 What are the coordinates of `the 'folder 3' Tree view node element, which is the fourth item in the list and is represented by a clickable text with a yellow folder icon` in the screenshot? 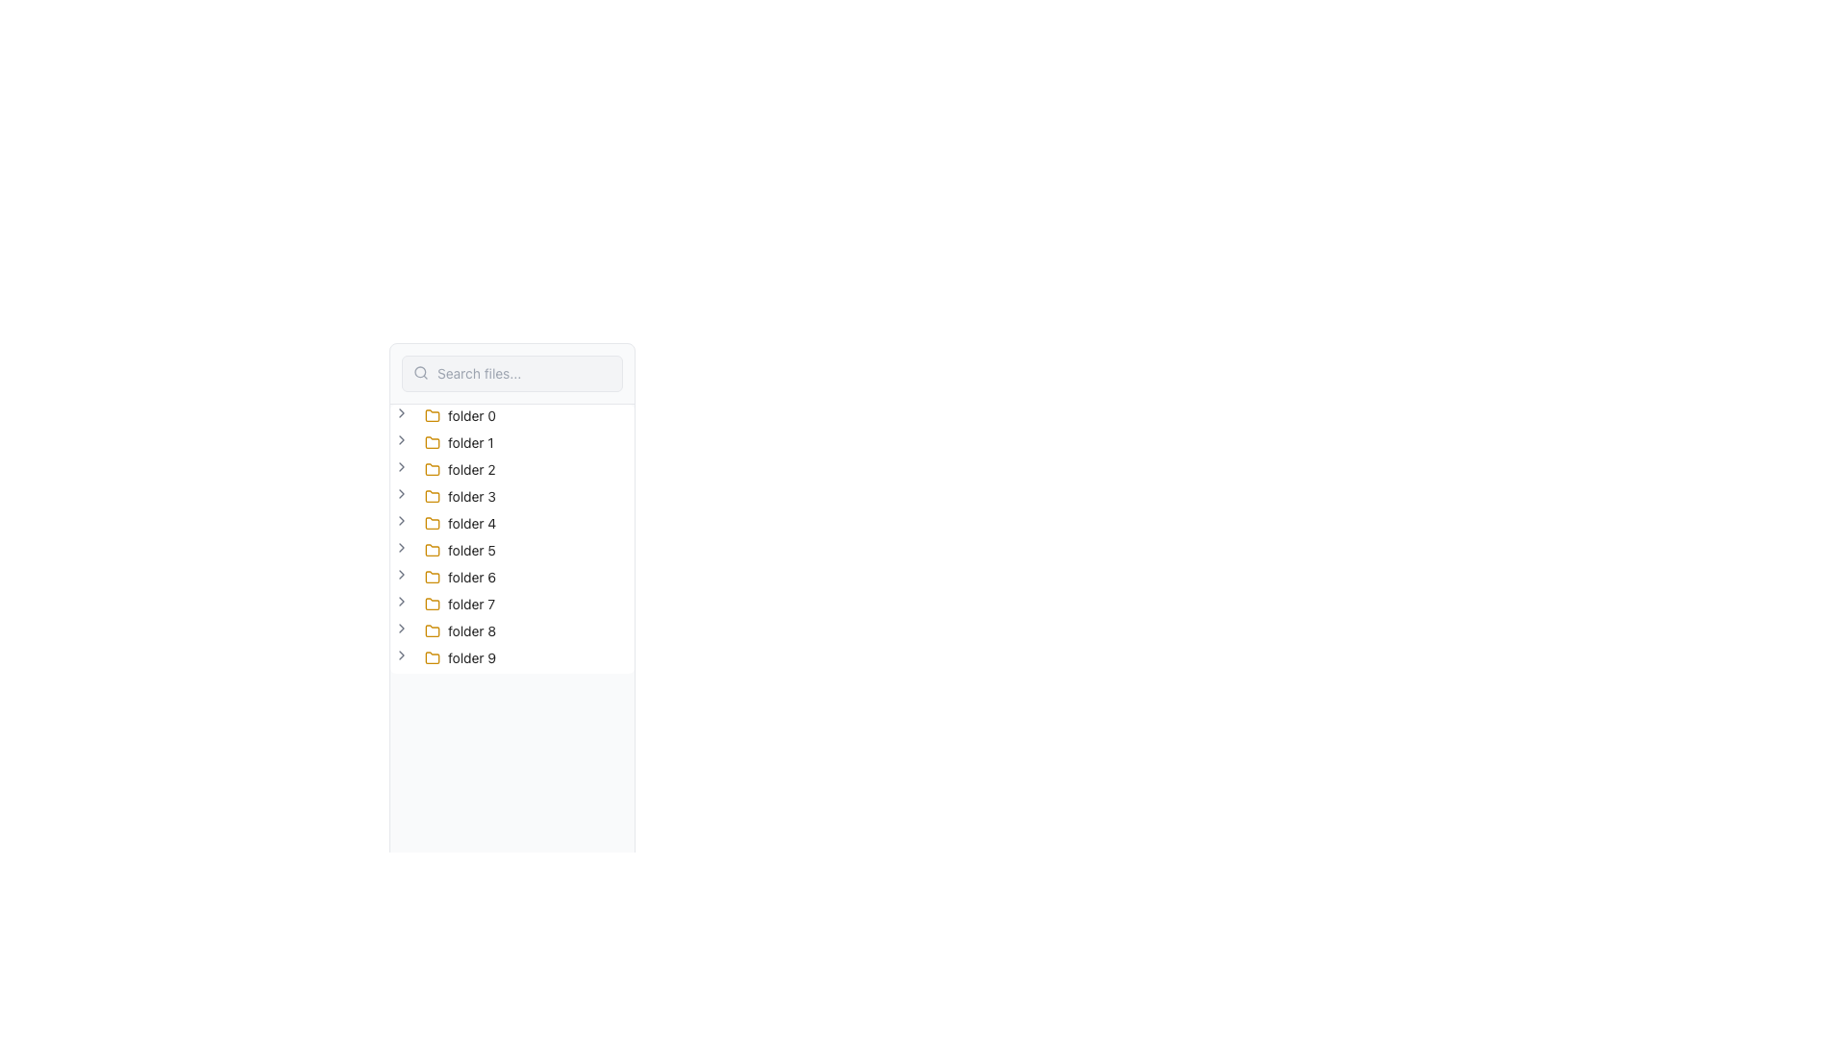 It's located at (460, 495).